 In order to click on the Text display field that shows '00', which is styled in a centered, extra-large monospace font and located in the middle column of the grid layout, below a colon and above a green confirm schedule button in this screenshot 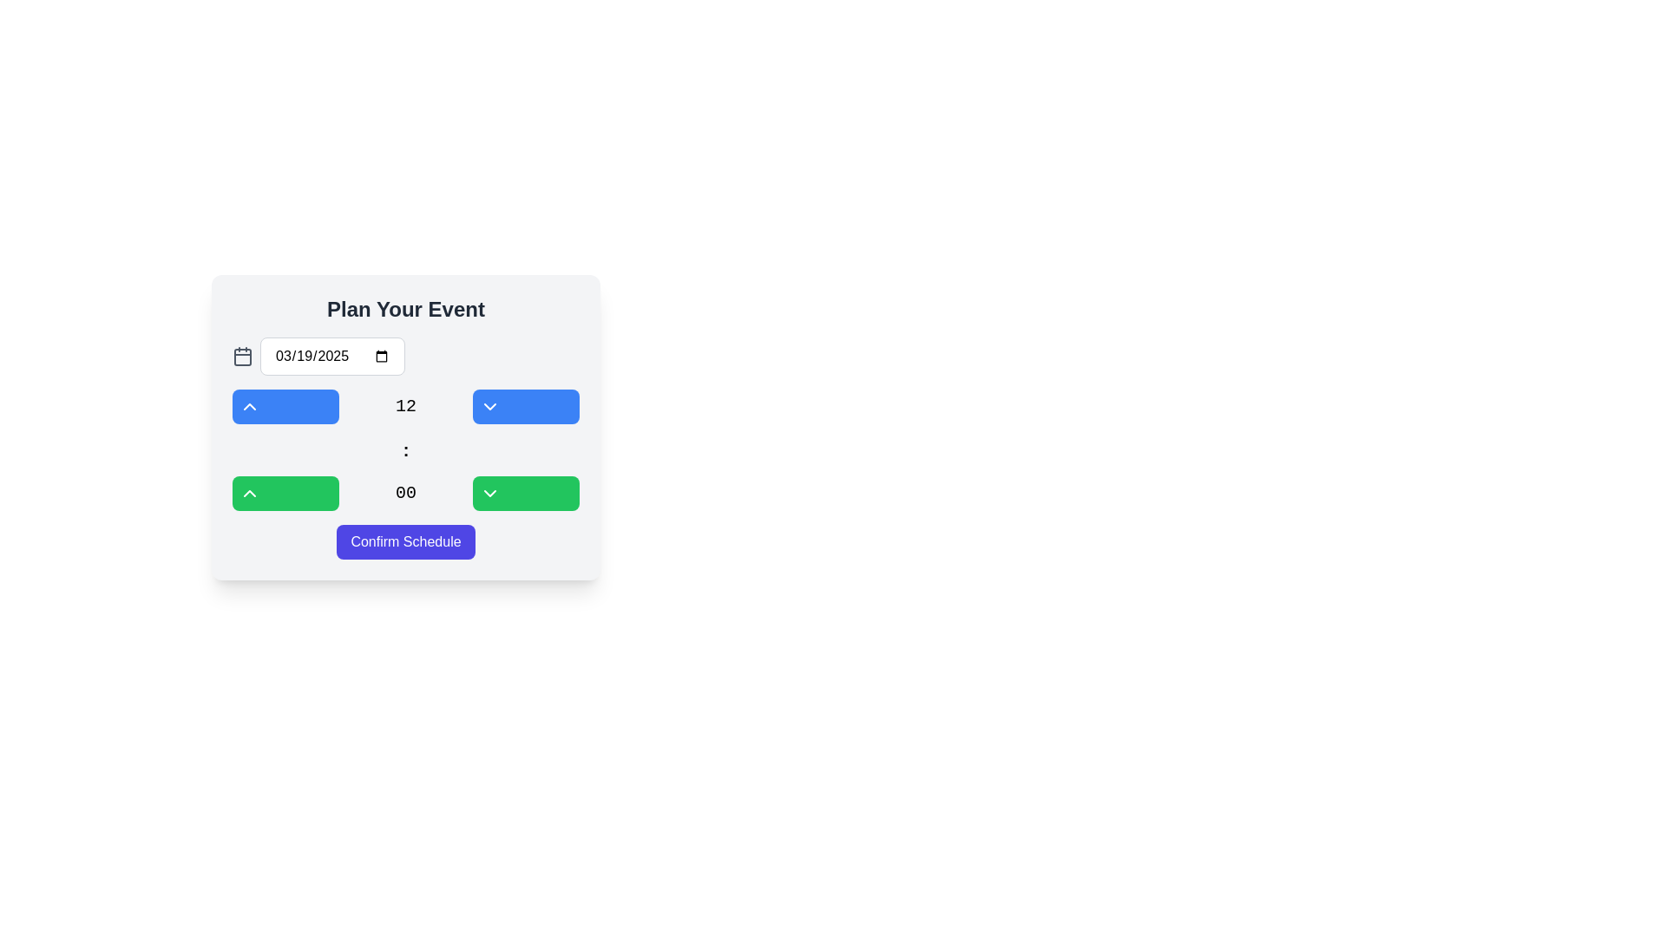, I will do `click(404, 494)`.